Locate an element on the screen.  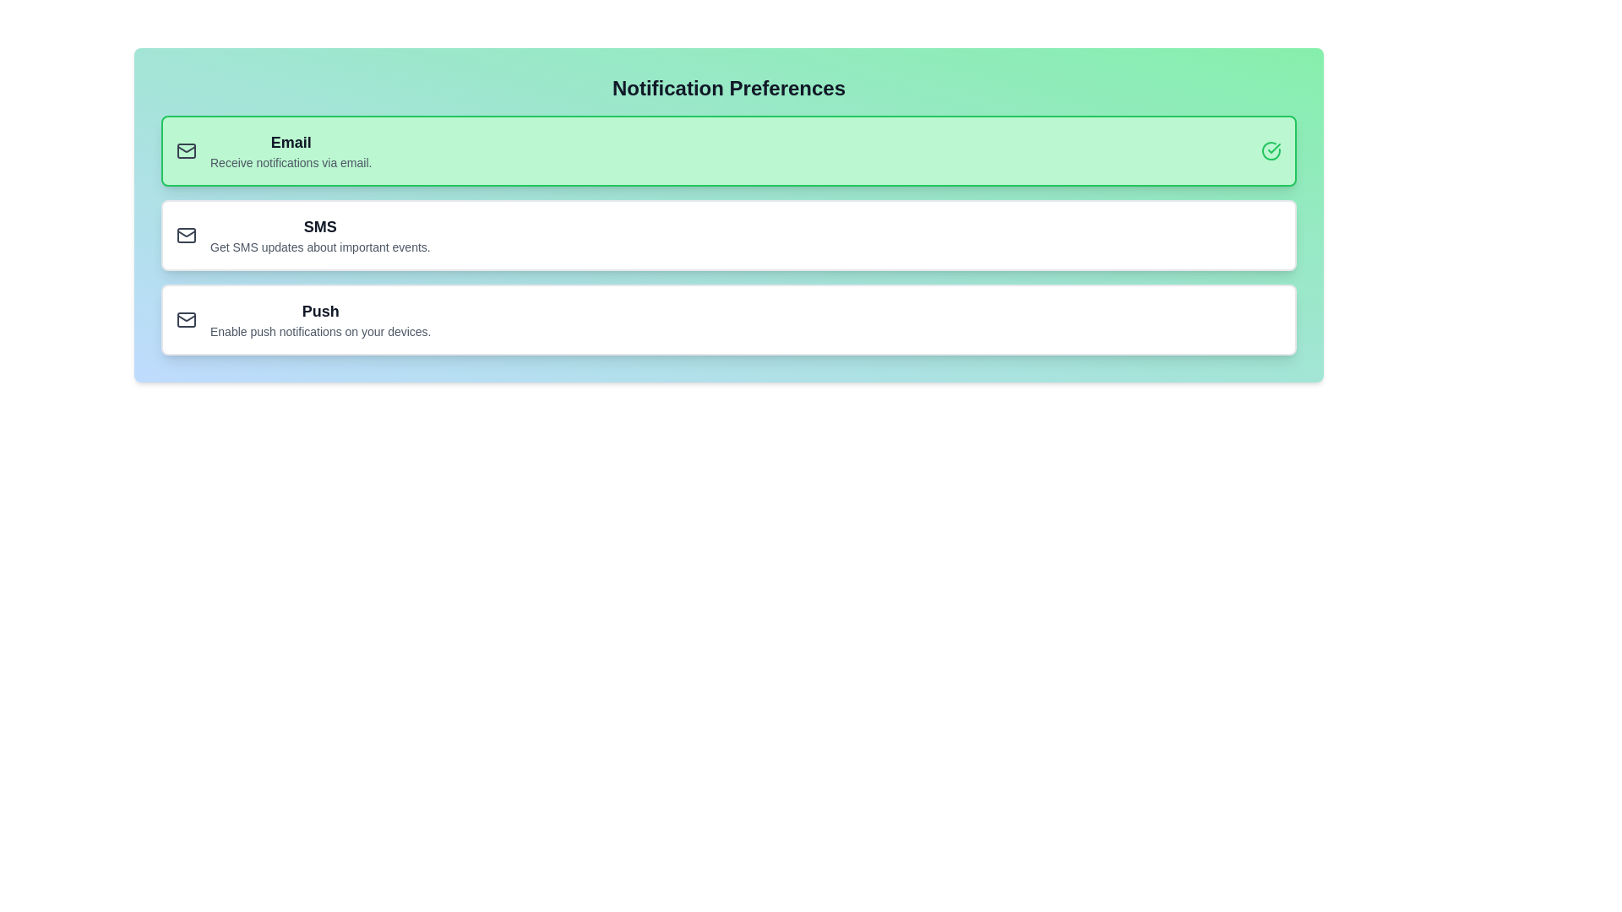
descriptive text element displaying 'Enable push notifications on your devices.' which is located in the third notification preference card titled 'Push.' is located at coordinates (320, 332).